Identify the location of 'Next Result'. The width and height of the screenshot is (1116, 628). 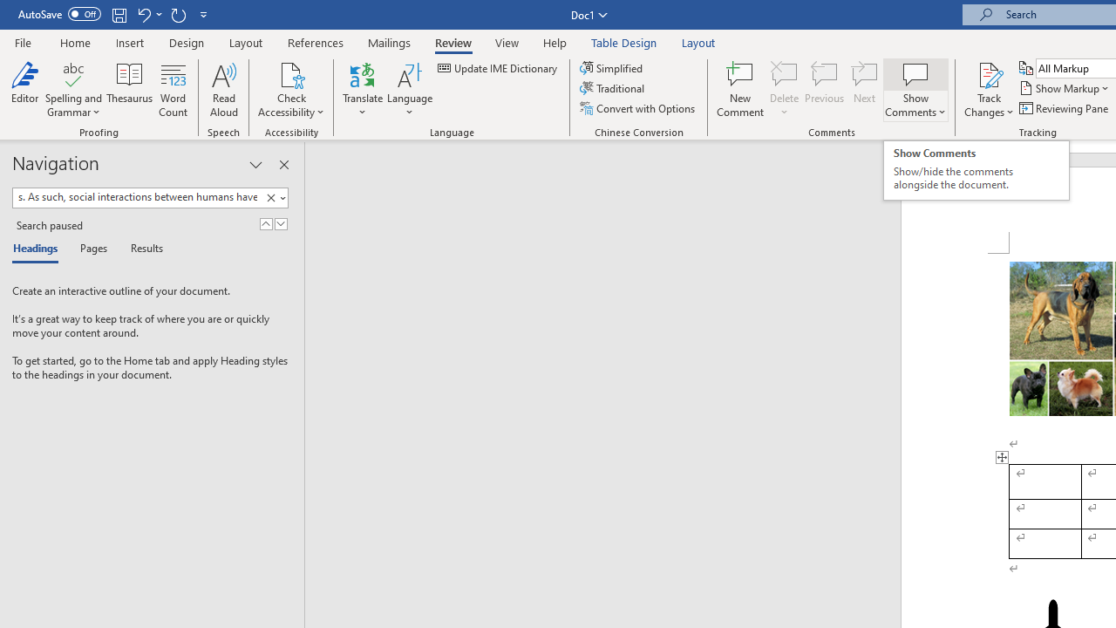
(281, 223).